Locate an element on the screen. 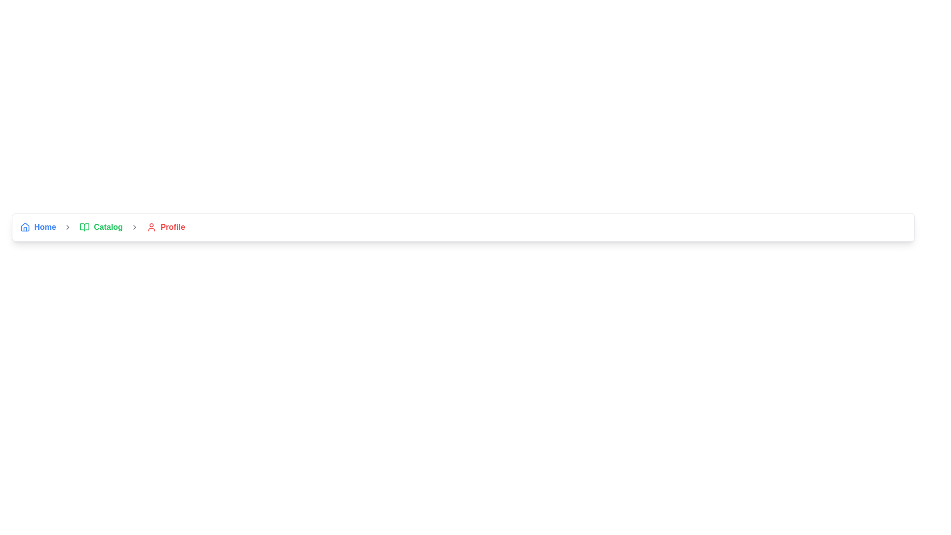 This screenshot has width=951, height=535. the small rightward-pointing arrow icon, which is positioned immediately after the 'Home' text link and icon in the navigation row, and before the 'Catalog' section is located at coordinates (67, 227).